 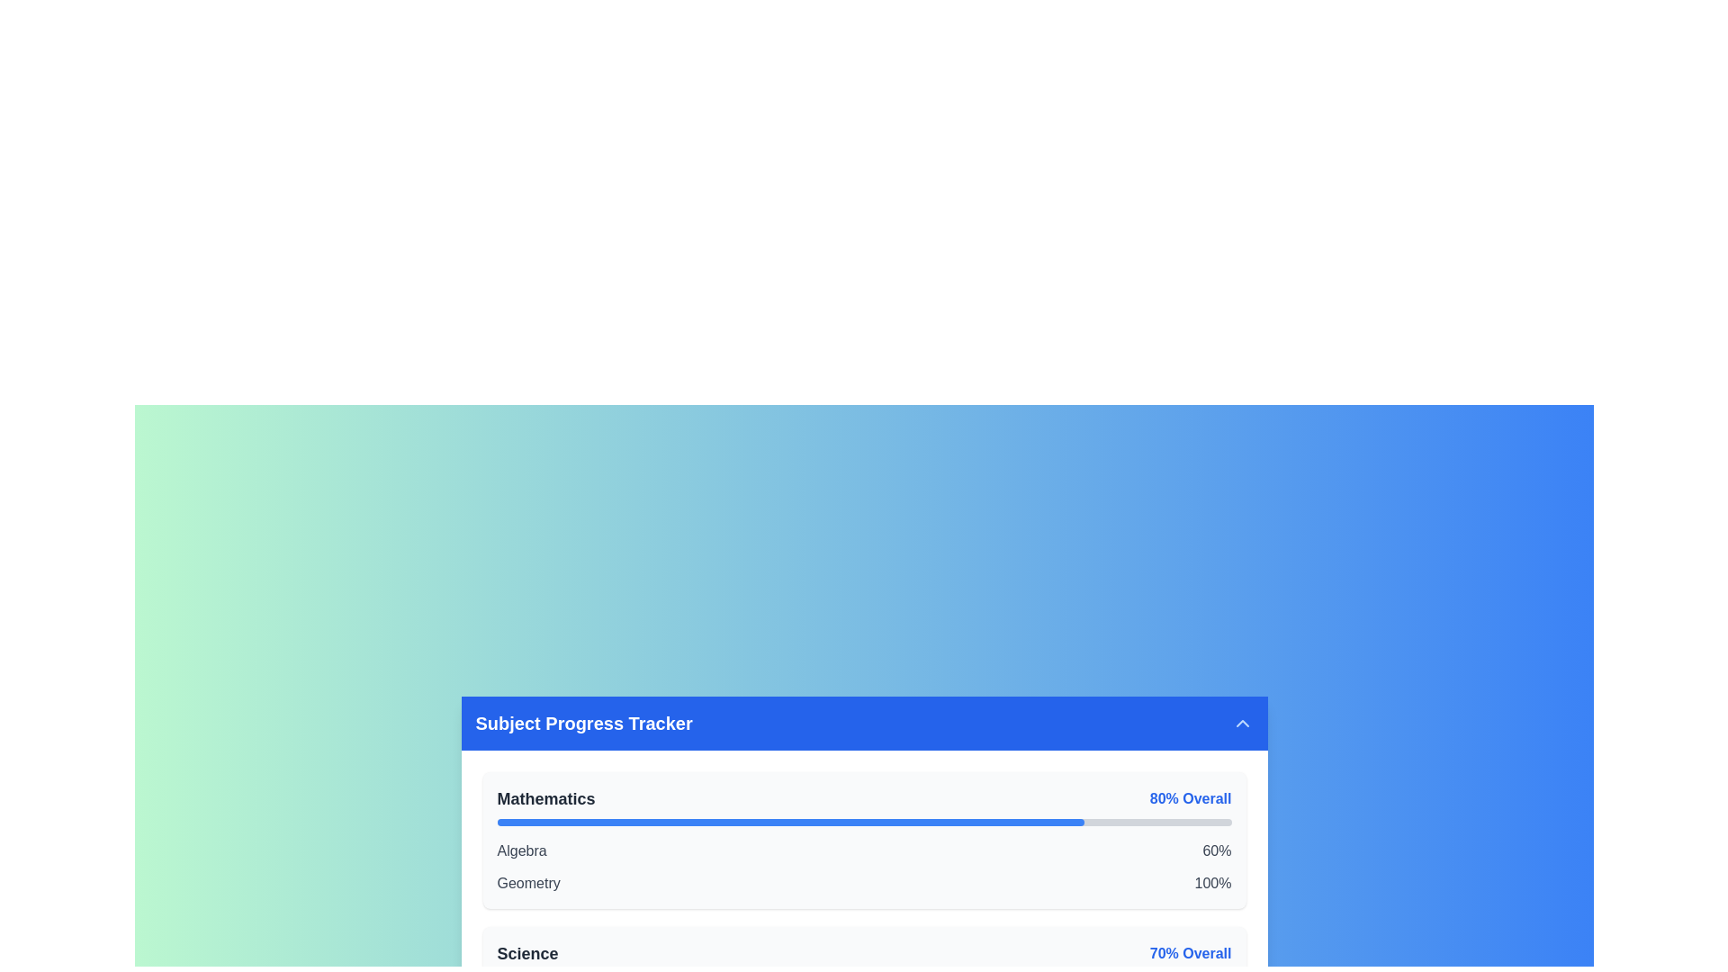 I want to click on the Data display card that shows progress and performance metrics for 'Mathematics', located in the 'Subject Progress Tracker' section, so click(x=864, y=840).